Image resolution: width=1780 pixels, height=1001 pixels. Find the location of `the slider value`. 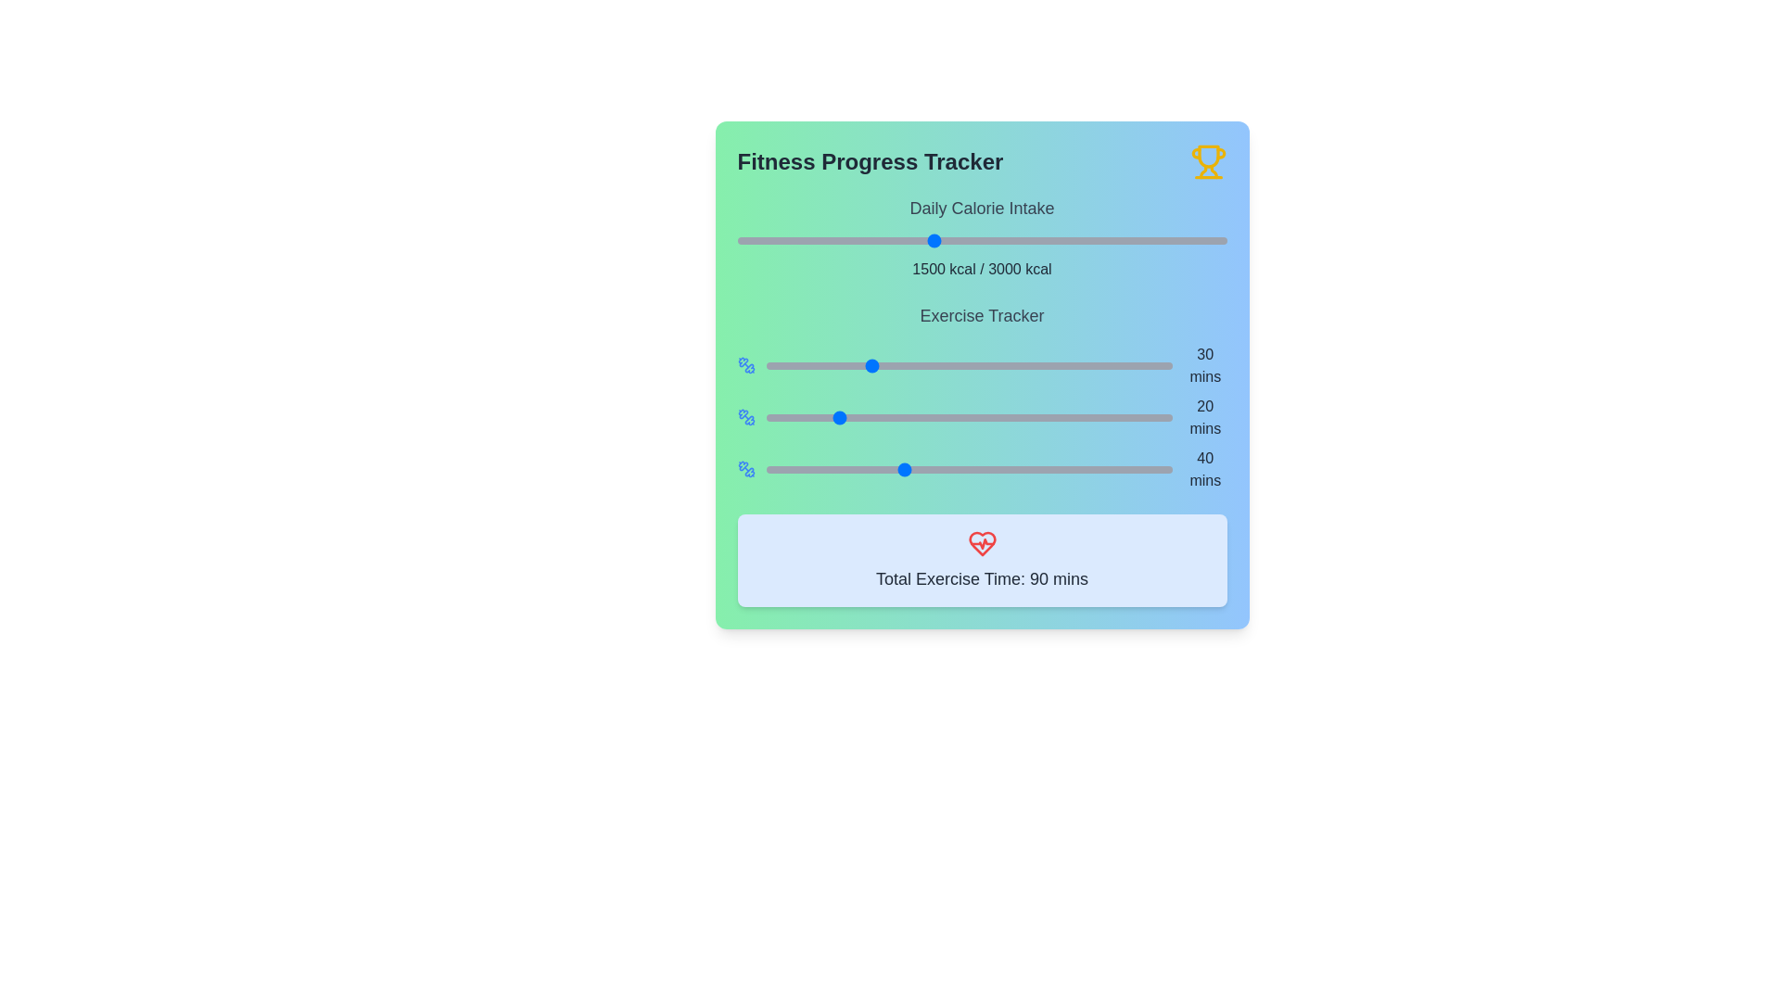

the slider value is located at coordinates (1026, 418).